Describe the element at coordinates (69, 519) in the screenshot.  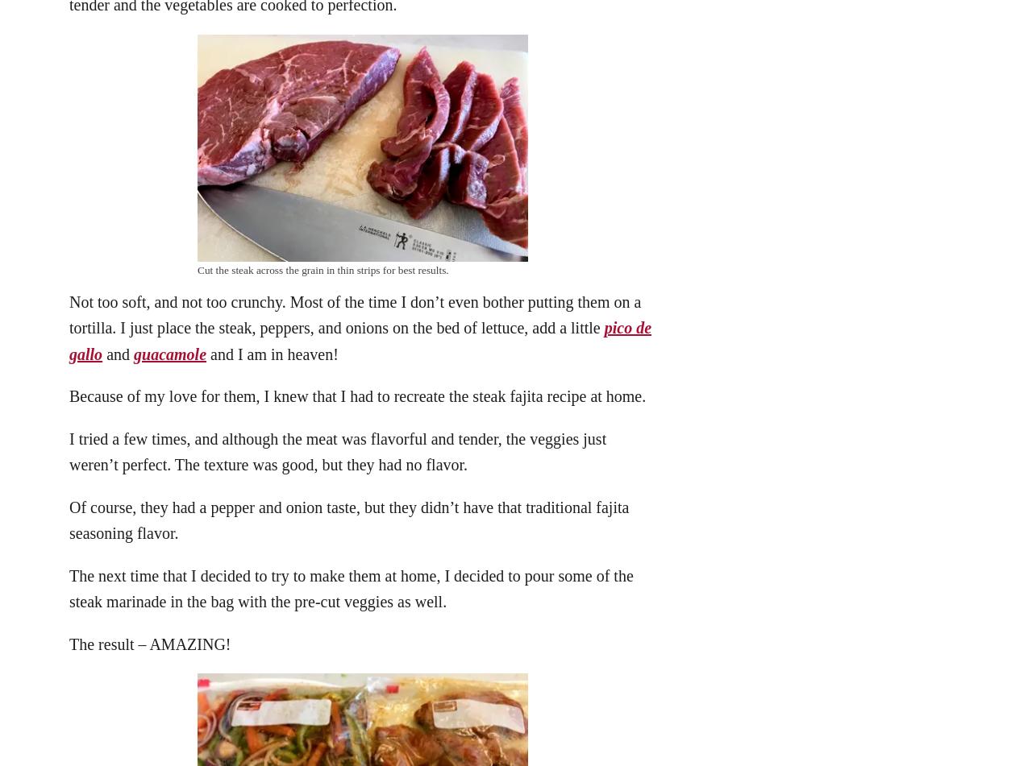
I see `'Of course, they had a pepper and onion taste, but they didn’t have that traditional fajita seasoning flavor.'` at that location.